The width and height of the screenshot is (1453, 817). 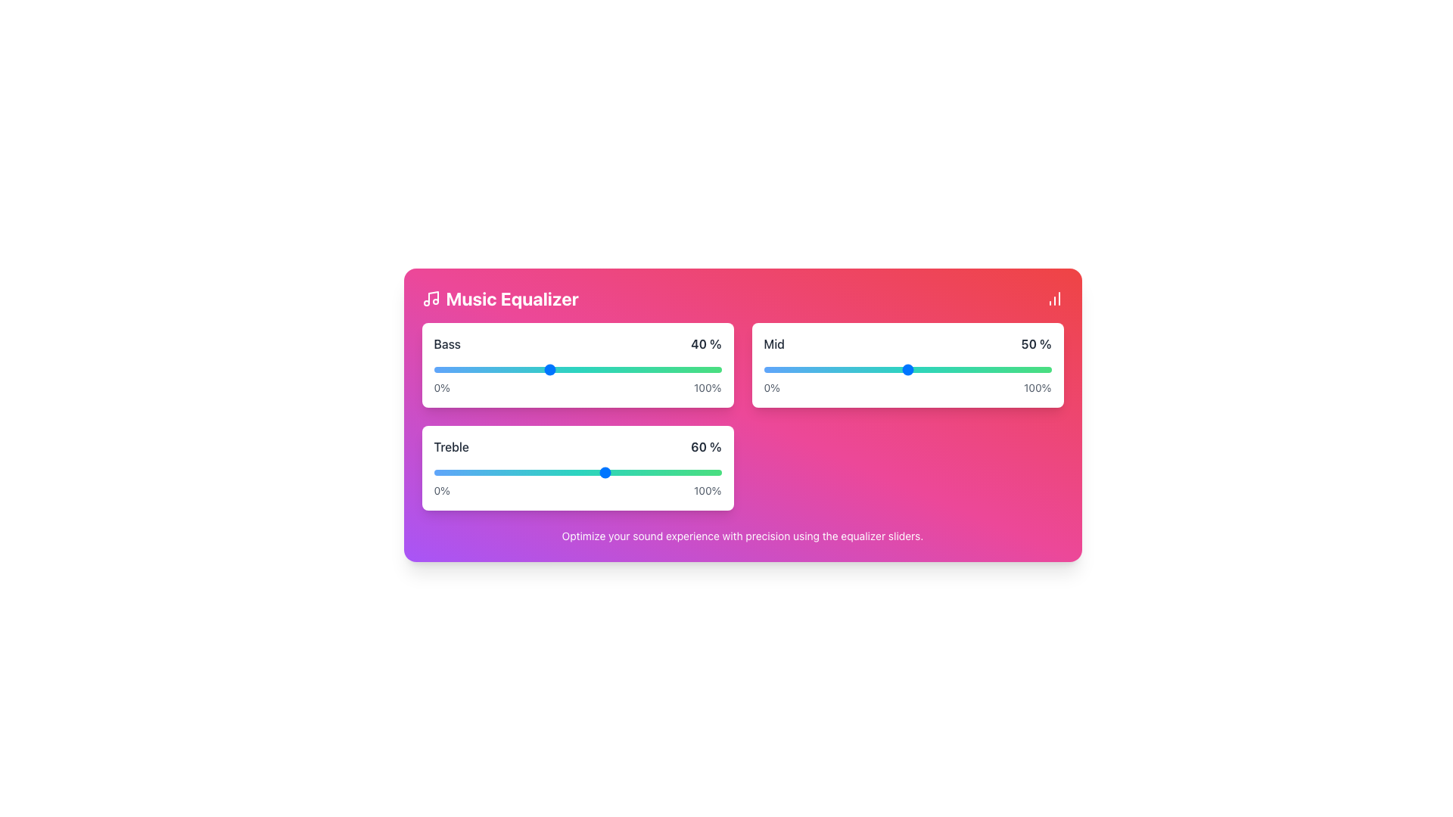 I want to click on the text block that says 'Optimize your sound experience with precision using the equalizer sliders.' which is displayed in white against a purple to pink gradient background at the bottom of the card-like interface, so click(x=742, y=536).